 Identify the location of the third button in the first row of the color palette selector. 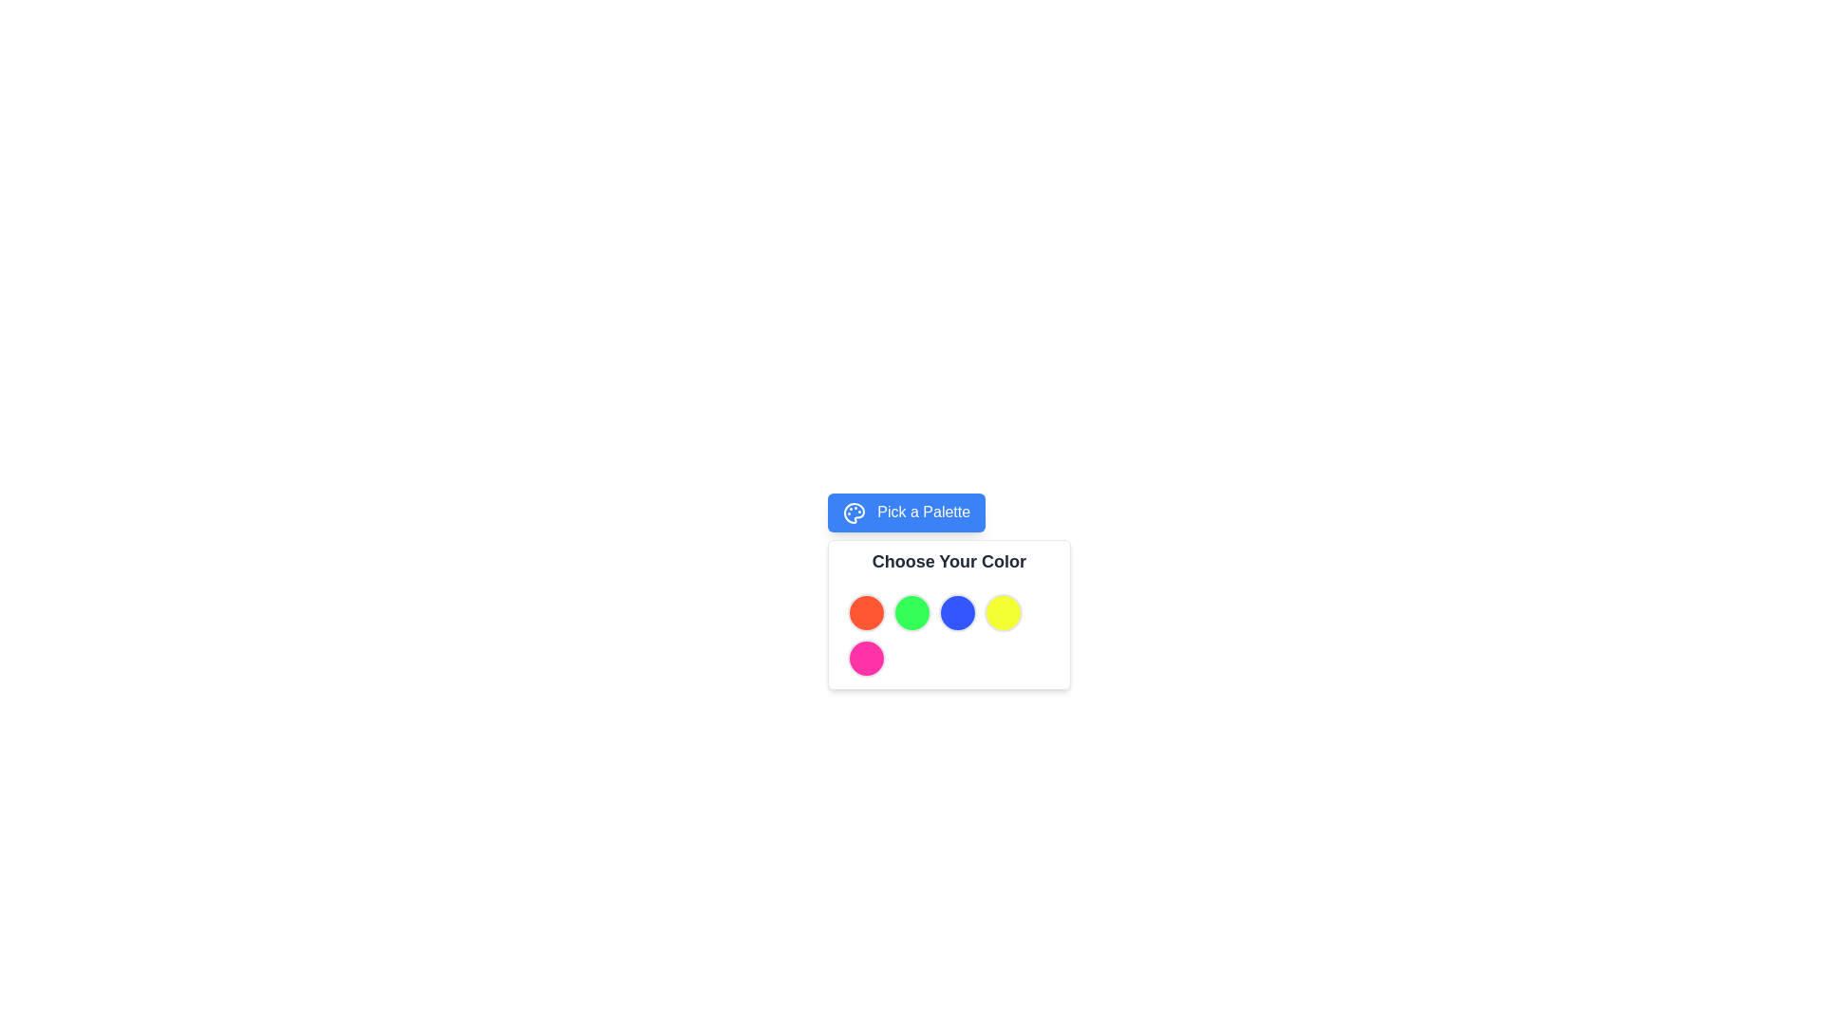
(957, 612).